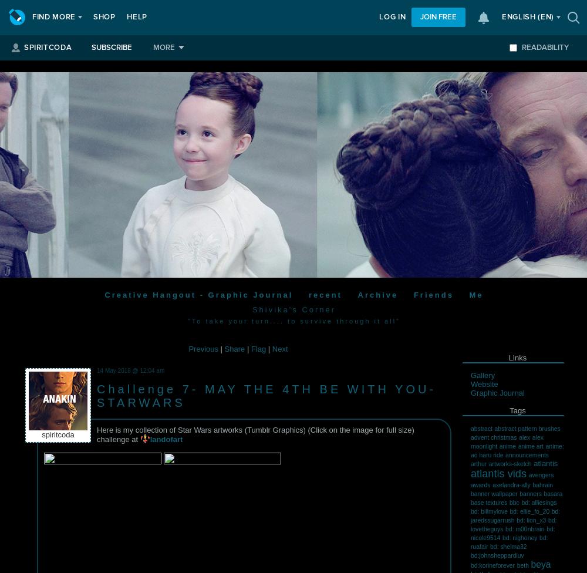 The height and width of the screenshot is (573, 587). I want to click on 'Website', so click(471, 383).